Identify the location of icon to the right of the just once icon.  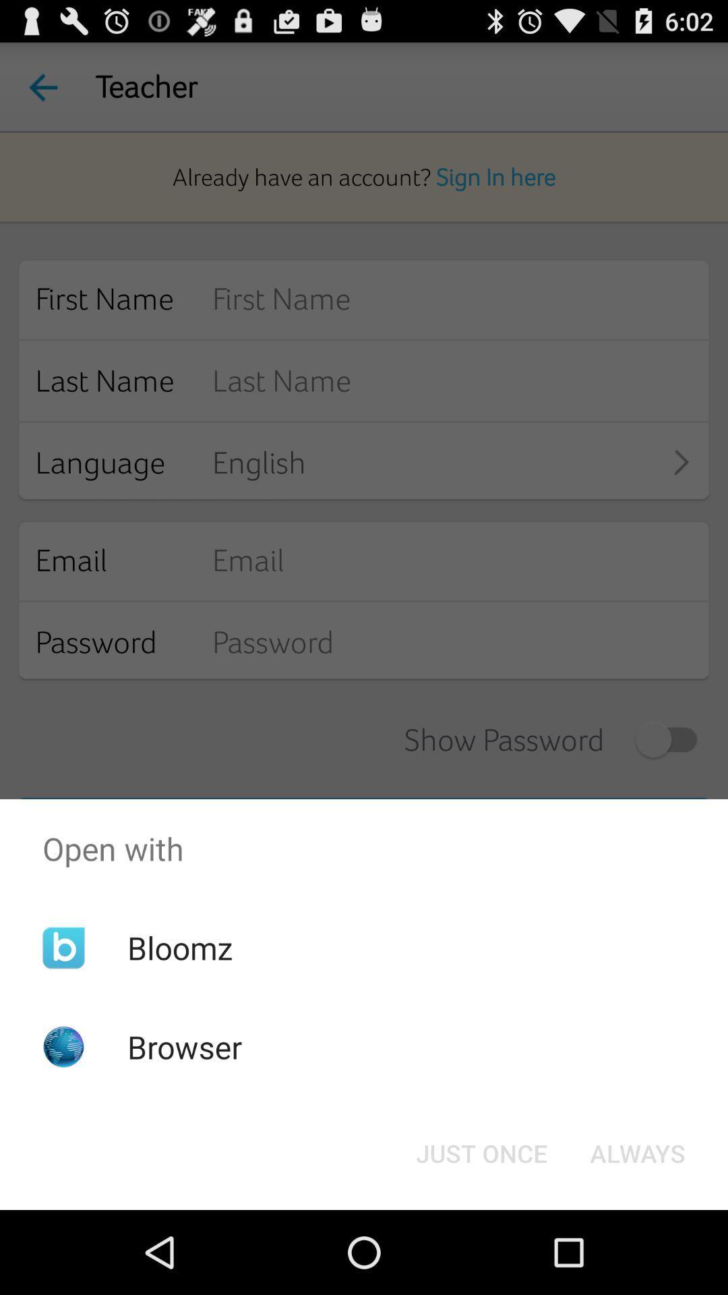
(637, 1152).